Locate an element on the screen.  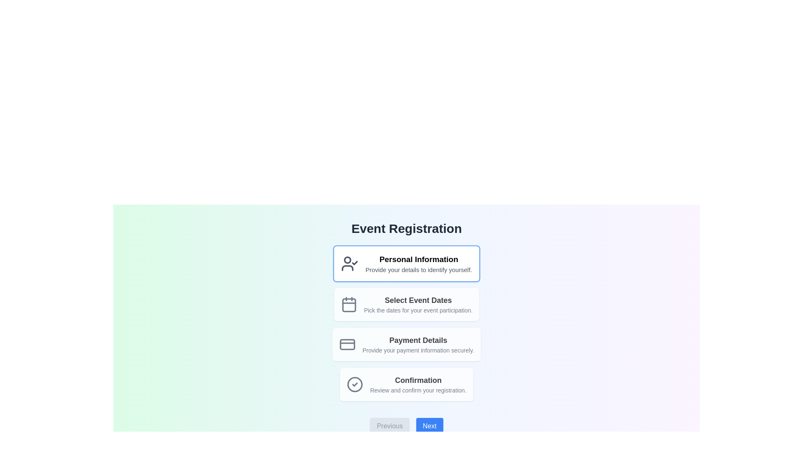
the Informational card that contains the title 'Payment Details' and the subtitle 'Provide your payment information securely.' It is the third section in the vertically stacked list, positioned below 'Select Event Dates.' is located at coordinates (406, 344).